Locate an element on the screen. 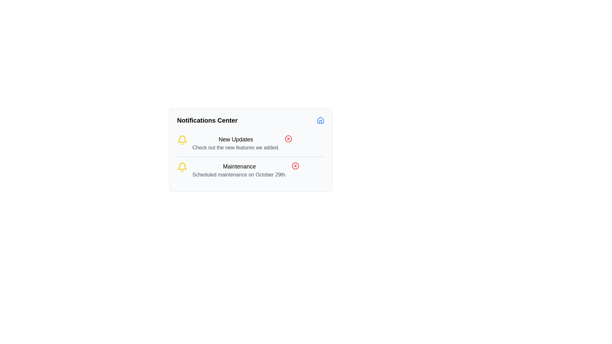 The image size is (612, 344). the bell icon with a yellow outline and transparent fill, which is located at the beginning of the 'New Updates' section in the notification card is located at coordinates (182, 140).